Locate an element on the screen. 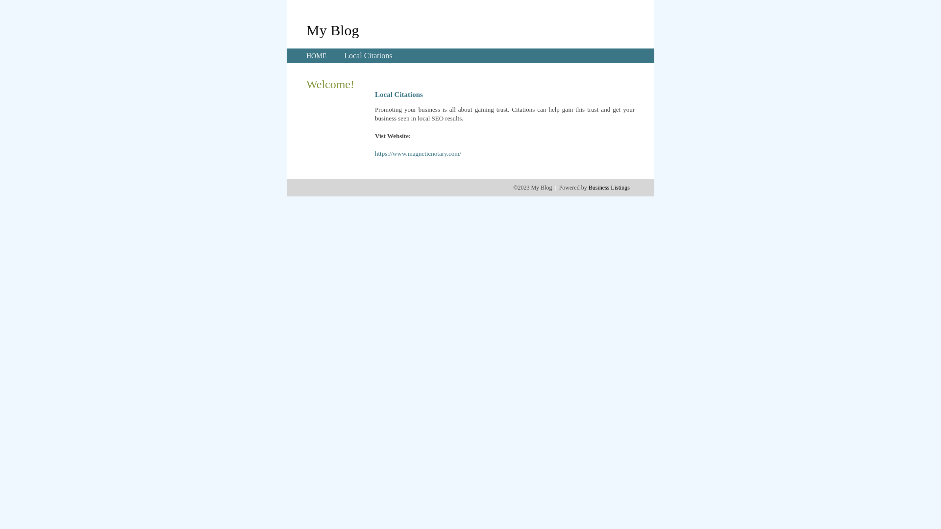 This screenshot has width=941, height=529. 'My Blog' is located at coordinates (332, 29).